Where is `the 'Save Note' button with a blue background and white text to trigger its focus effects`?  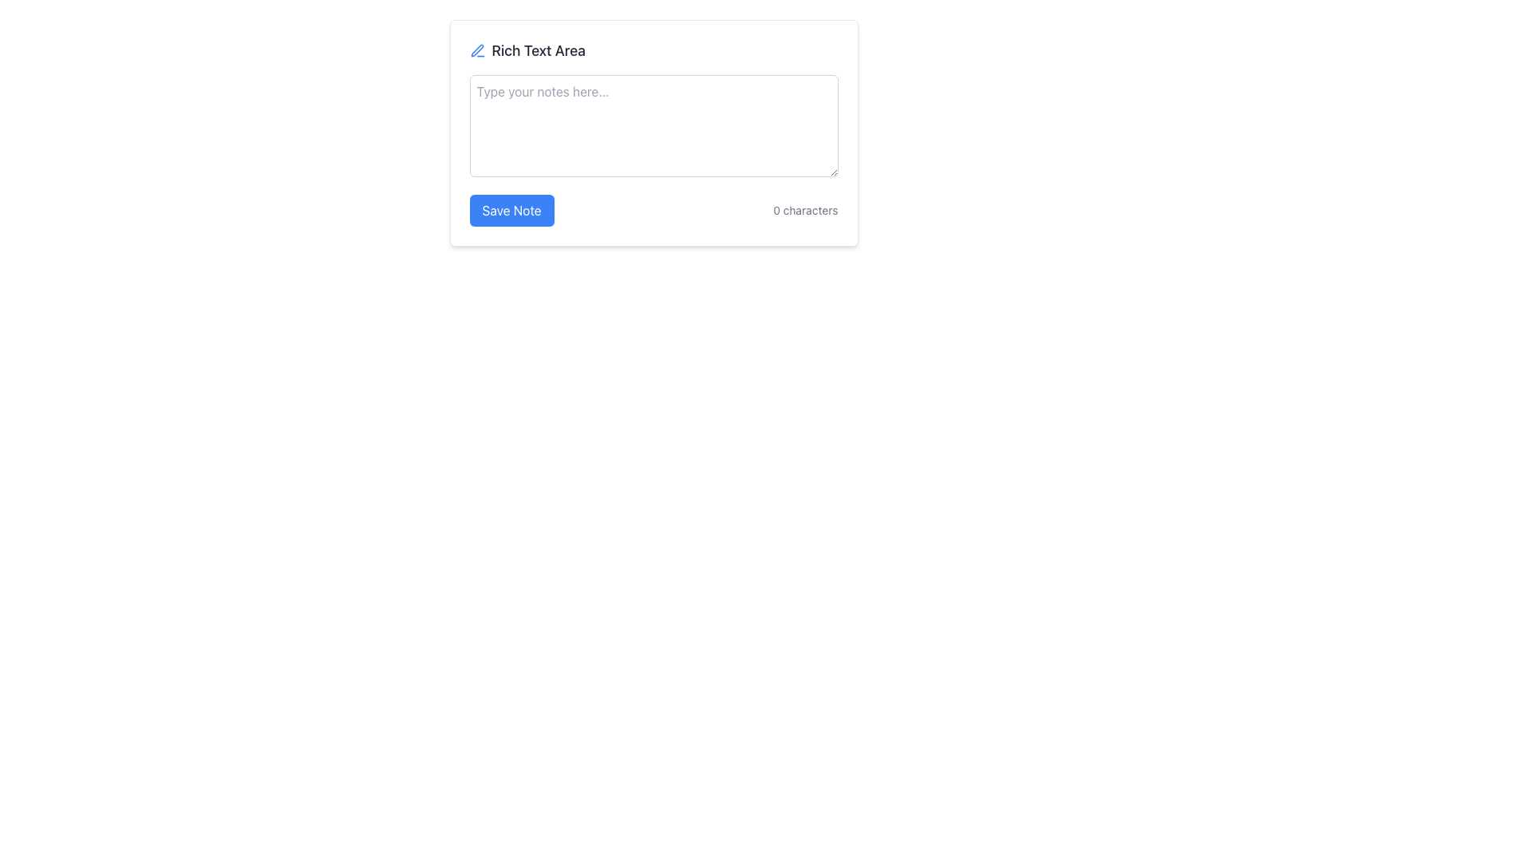 the 'Save Note' button with a blue background and white text to trigger its focus effects is located at coordinates (511, 209).